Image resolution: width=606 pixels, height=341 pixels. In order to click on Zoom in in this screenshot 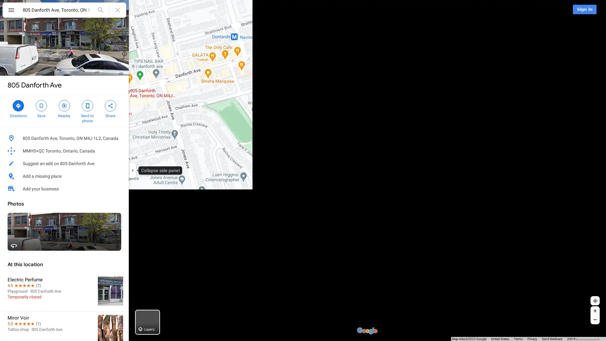, I will do `click(595, 310)`.